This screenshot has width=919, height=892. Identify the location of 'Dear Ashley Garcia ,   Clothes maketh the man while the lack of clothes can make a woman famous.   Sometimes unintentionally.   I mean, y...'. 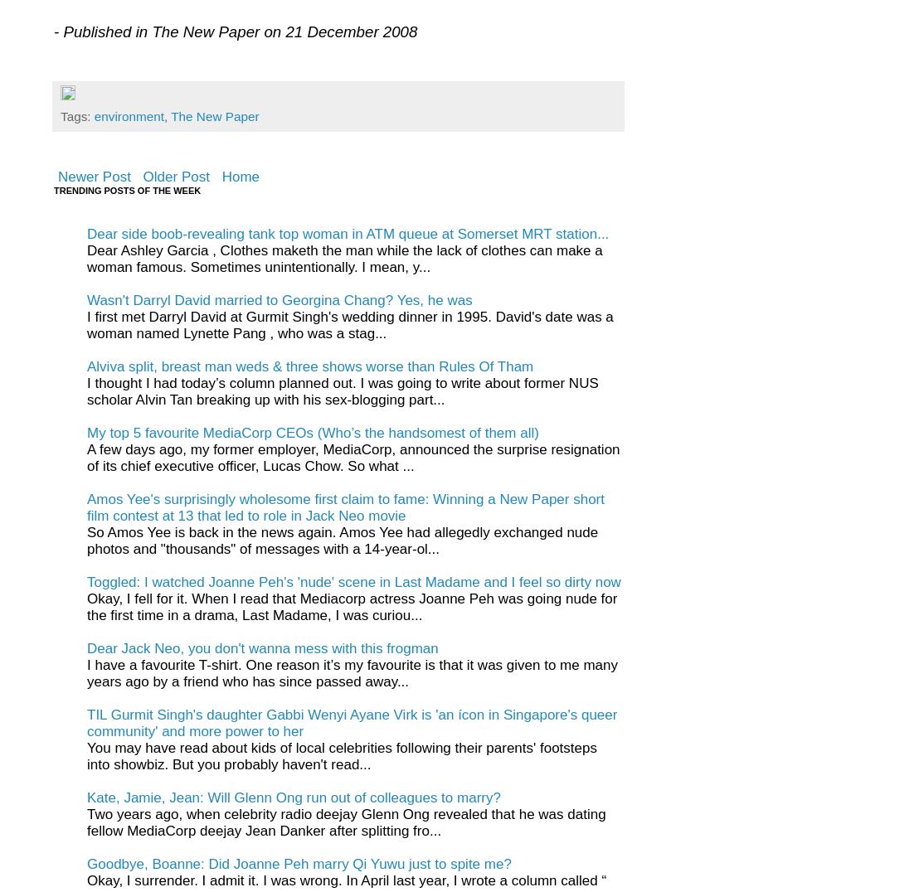
(344, 258).